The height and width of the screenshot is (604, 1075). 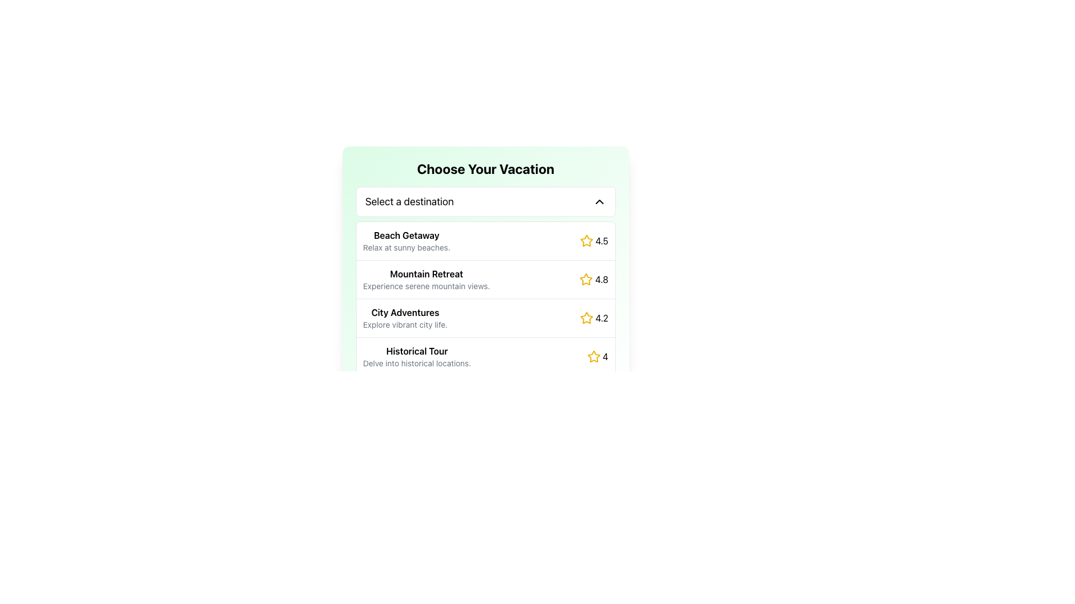 What do you see at coordinates (405, 313) in the screenshot?
I see `the 'City Adventures' text label, which is displayed in bold style and is located in the third list item below the header 'Choose Your Vacation'` at bounding box center [405, 313].